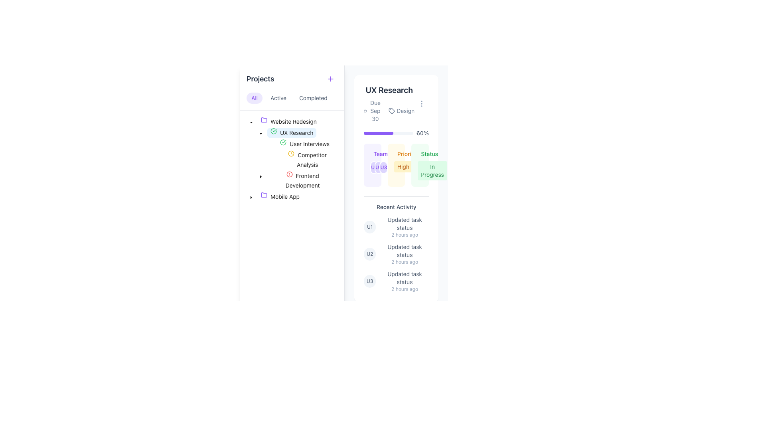  What do you see at coordinates (396, 281) in the screenshot?
I see `contents of the third Activity Log Entry in the 'Recent Activity' section, which includes the username abbreviation 'U3', the text 'Updated task status', and the timestamp '2 hours ago'` at bounding box center [396, 281].